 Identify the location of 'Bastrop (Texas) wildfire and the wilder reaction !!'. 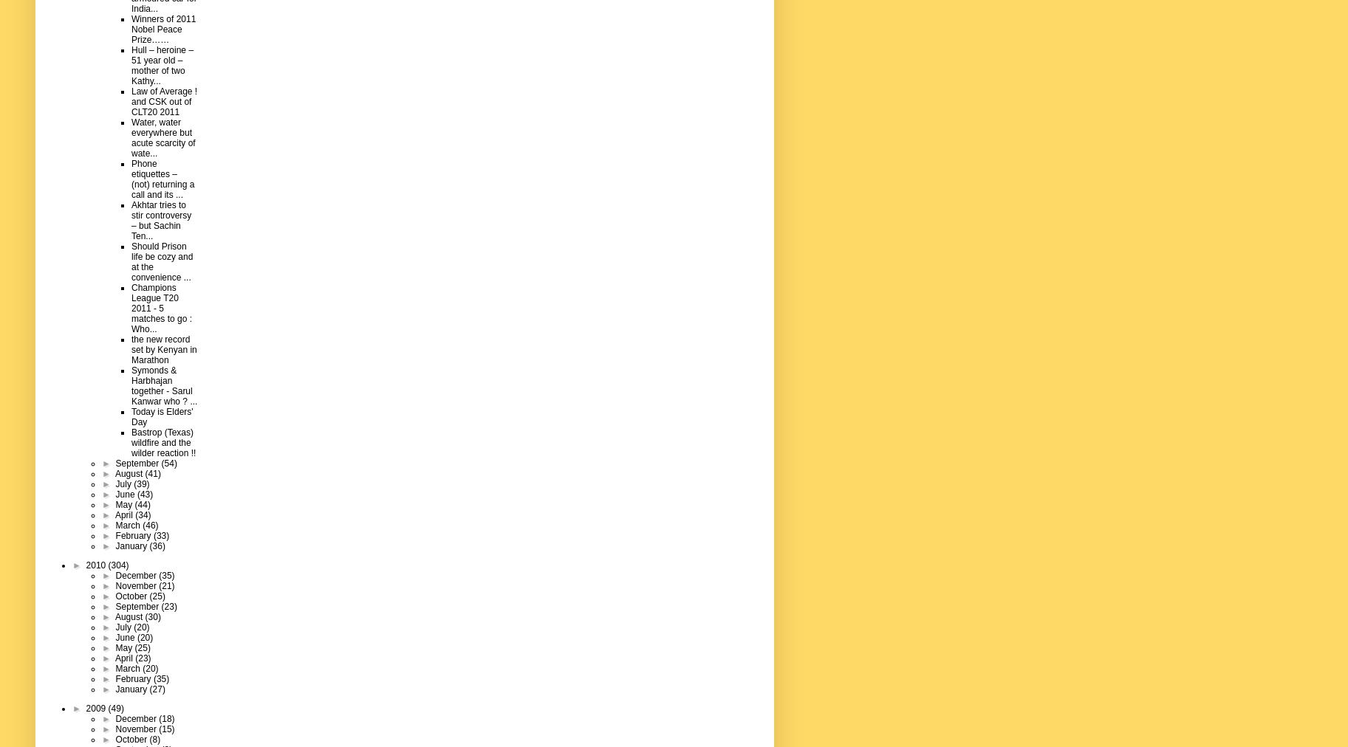
(163, 441).